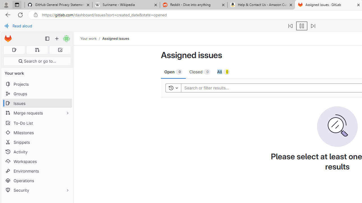 This screenshot has width=362, height=203. I want to click on 'Environments', so click(37, 171).